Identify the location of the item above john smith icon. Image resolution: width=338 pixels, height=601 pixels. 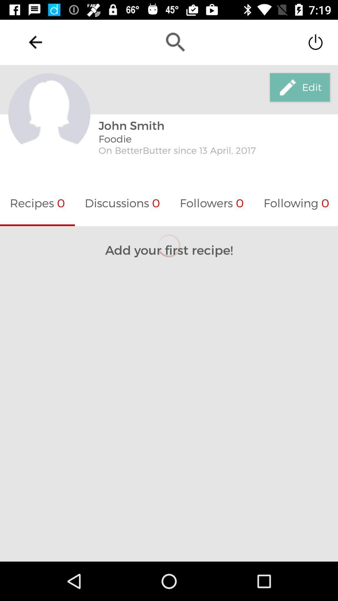
(175, 42).